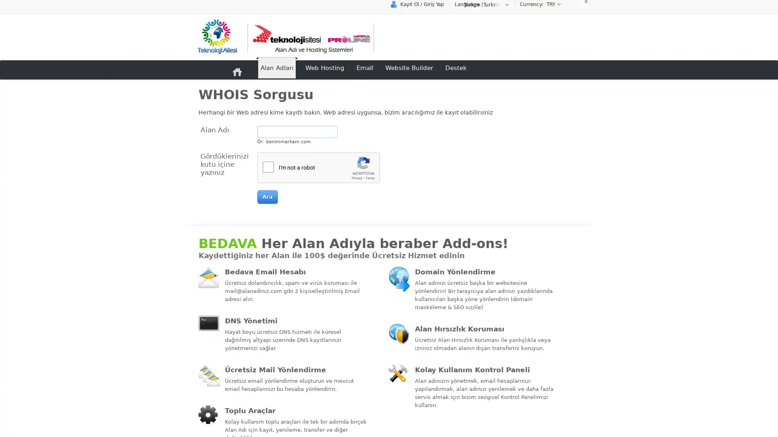 The height and width of the screenshot is (437, 778). I want to click on Ara, so click(267, 197).